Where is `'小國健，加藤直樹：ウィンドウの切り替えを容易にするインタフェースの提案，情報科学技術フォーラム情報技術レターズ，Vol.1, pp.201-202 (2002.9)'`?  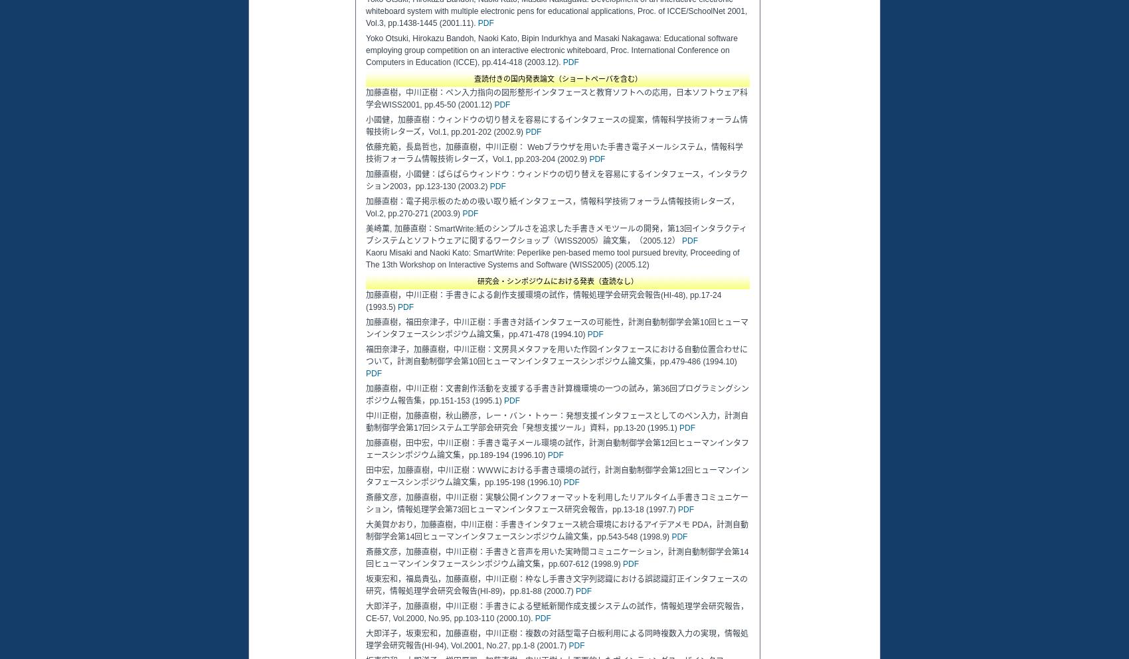 '小國健，加藤直樹：ウィンドウの切り替えを容易にするインタフェースの提案，情報科学技術フォーラム情報技術レターズ，Vol.1, pp.201-202 (2002.9)' is located at coordinates (365, 125).